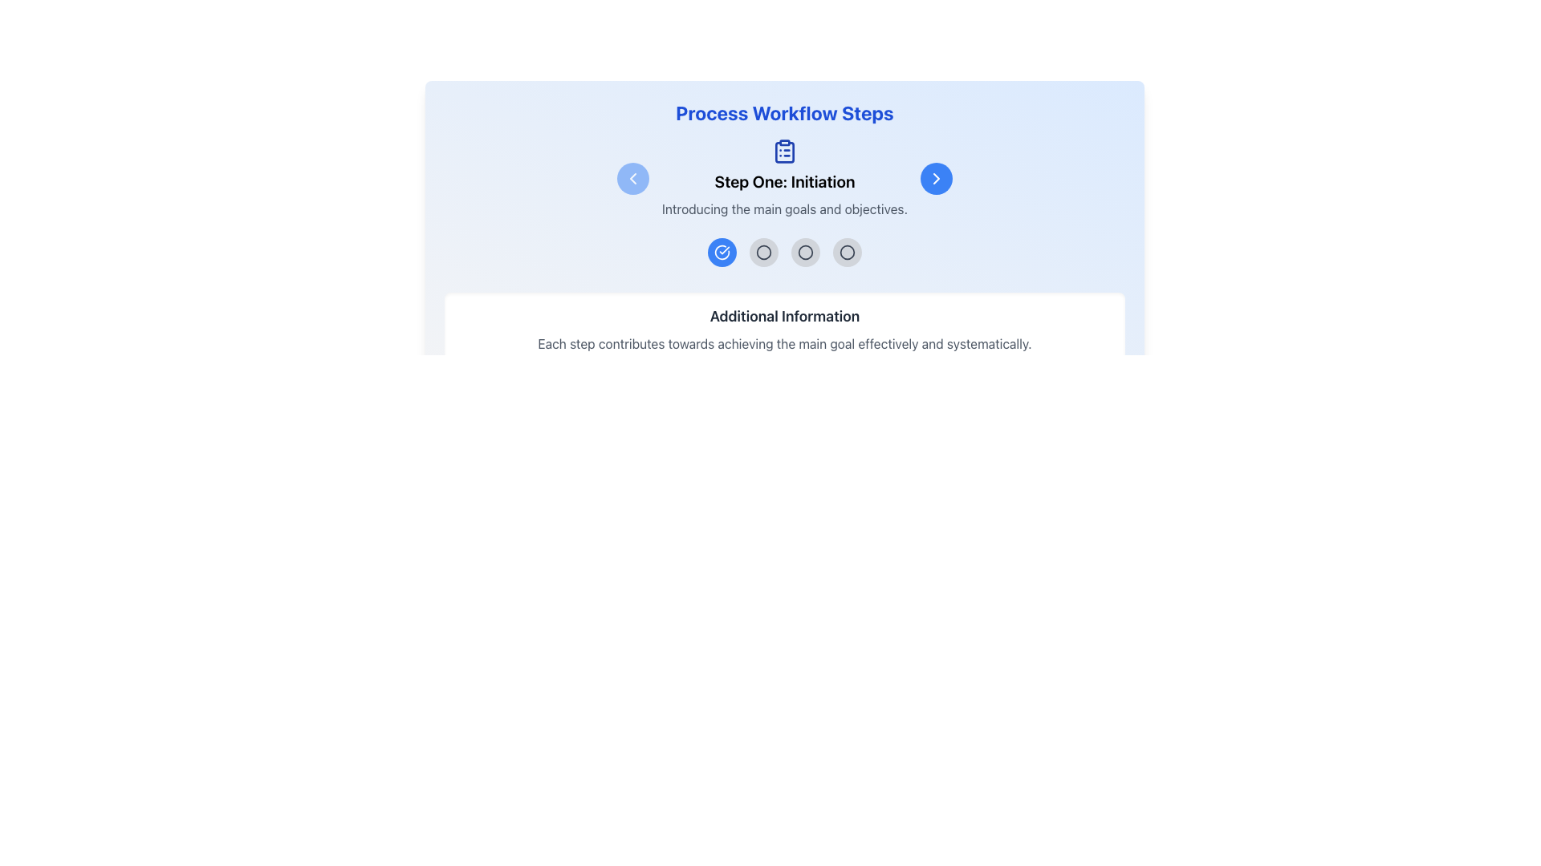  Describe the element at coordinates (847, 253) in the screenshot. I see `the icon within the circular button located at the center of the group of selectable icons below 'Step One: Initiation'` at that location.